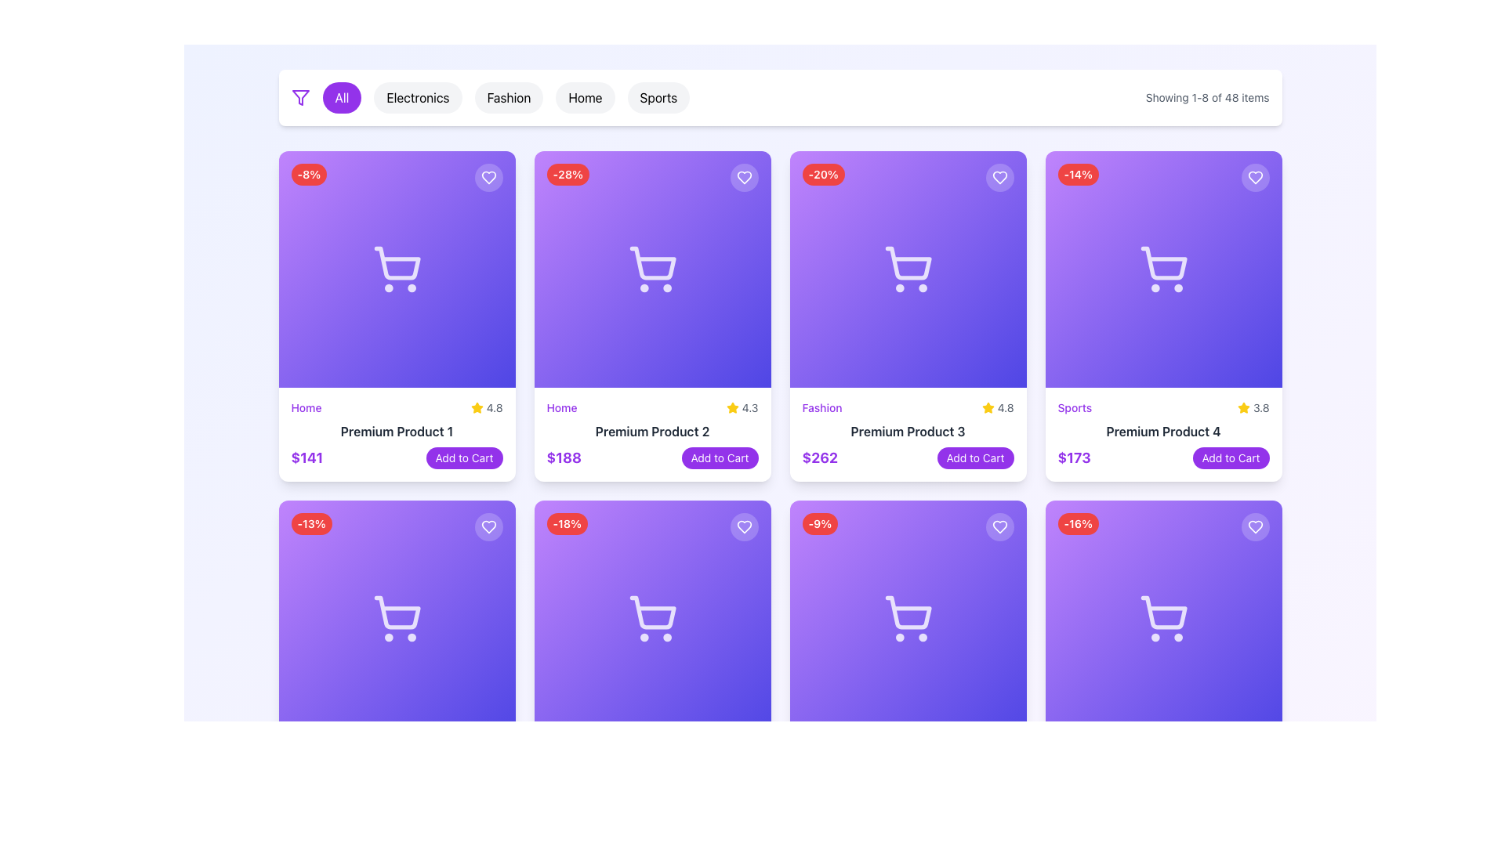 The width and height of the screenshot is (1505, 846). Describe the element at coordinates (819, 523) in the screenshot. I see `the discount percentage label located at the top-left corner of the product card in the fourth column of the second row in the grid layout` at that location.